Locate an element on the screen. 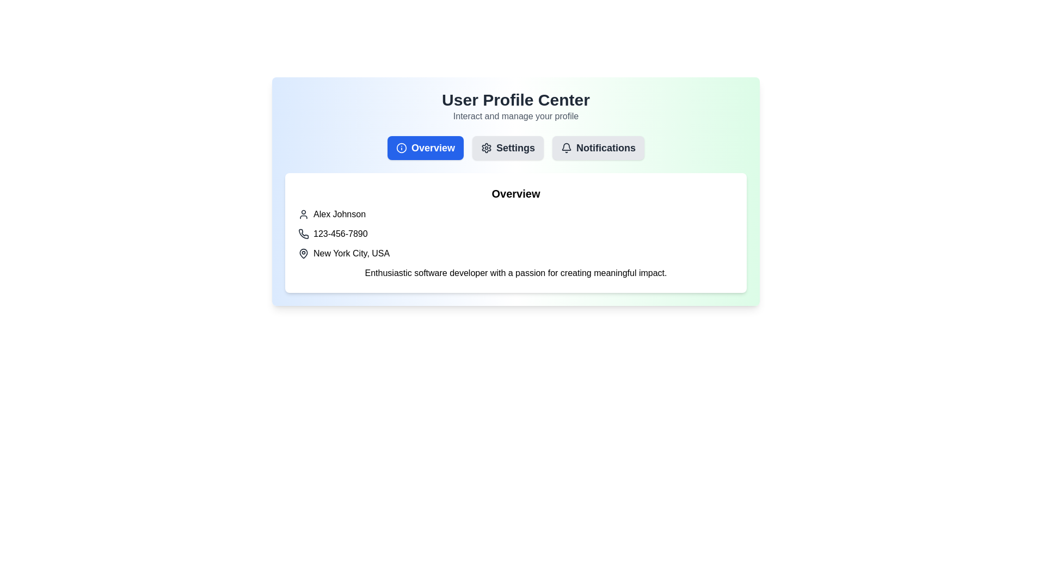  the 'Settings' button with a gear icon to observe the background color change to light blue is located at coordinates (507, 148).